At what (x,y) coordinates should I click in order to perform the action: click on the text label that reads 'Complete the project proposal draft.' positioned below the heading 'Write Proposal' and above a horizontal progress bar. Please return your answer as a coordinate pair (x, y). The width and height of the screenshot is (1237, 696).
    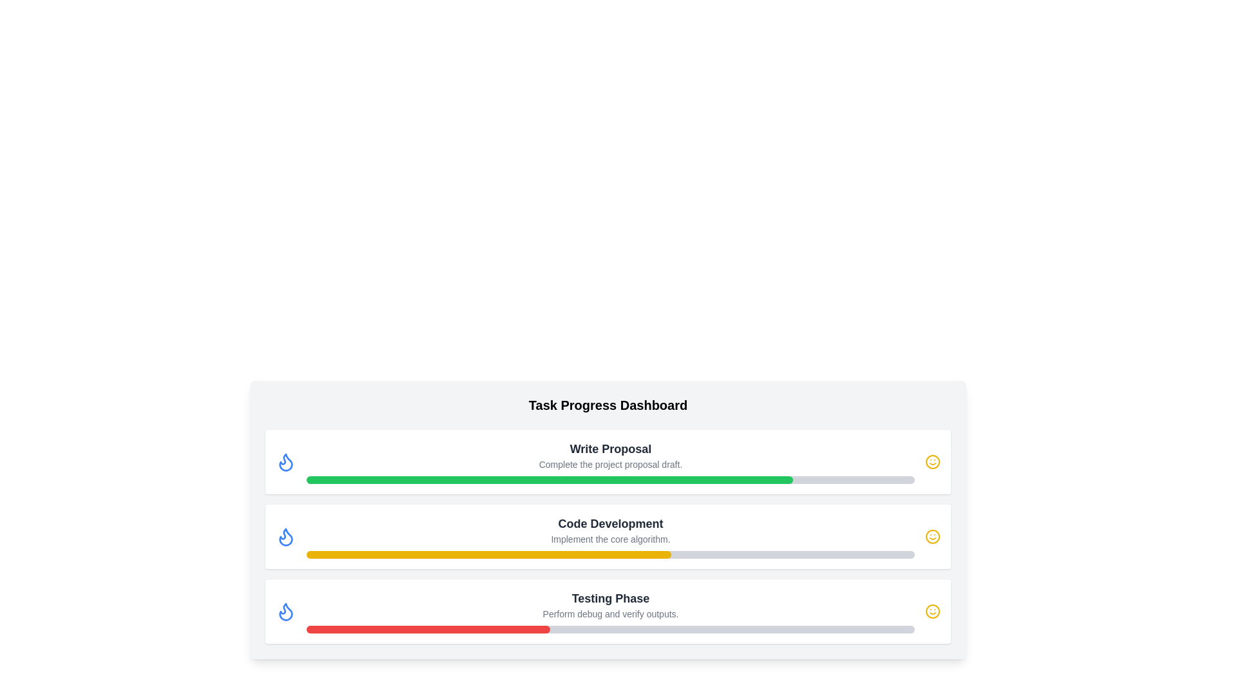
    Looking at the image, I should click on (610, 465).